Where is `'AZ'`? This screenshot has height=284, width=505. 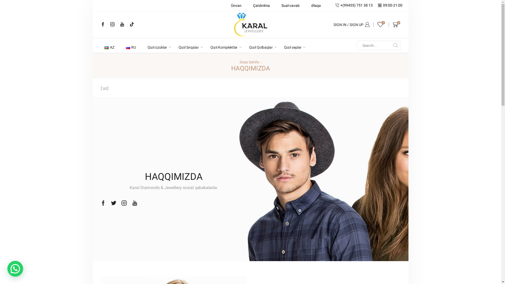 'AZ' is located at coordinates (109, 48).